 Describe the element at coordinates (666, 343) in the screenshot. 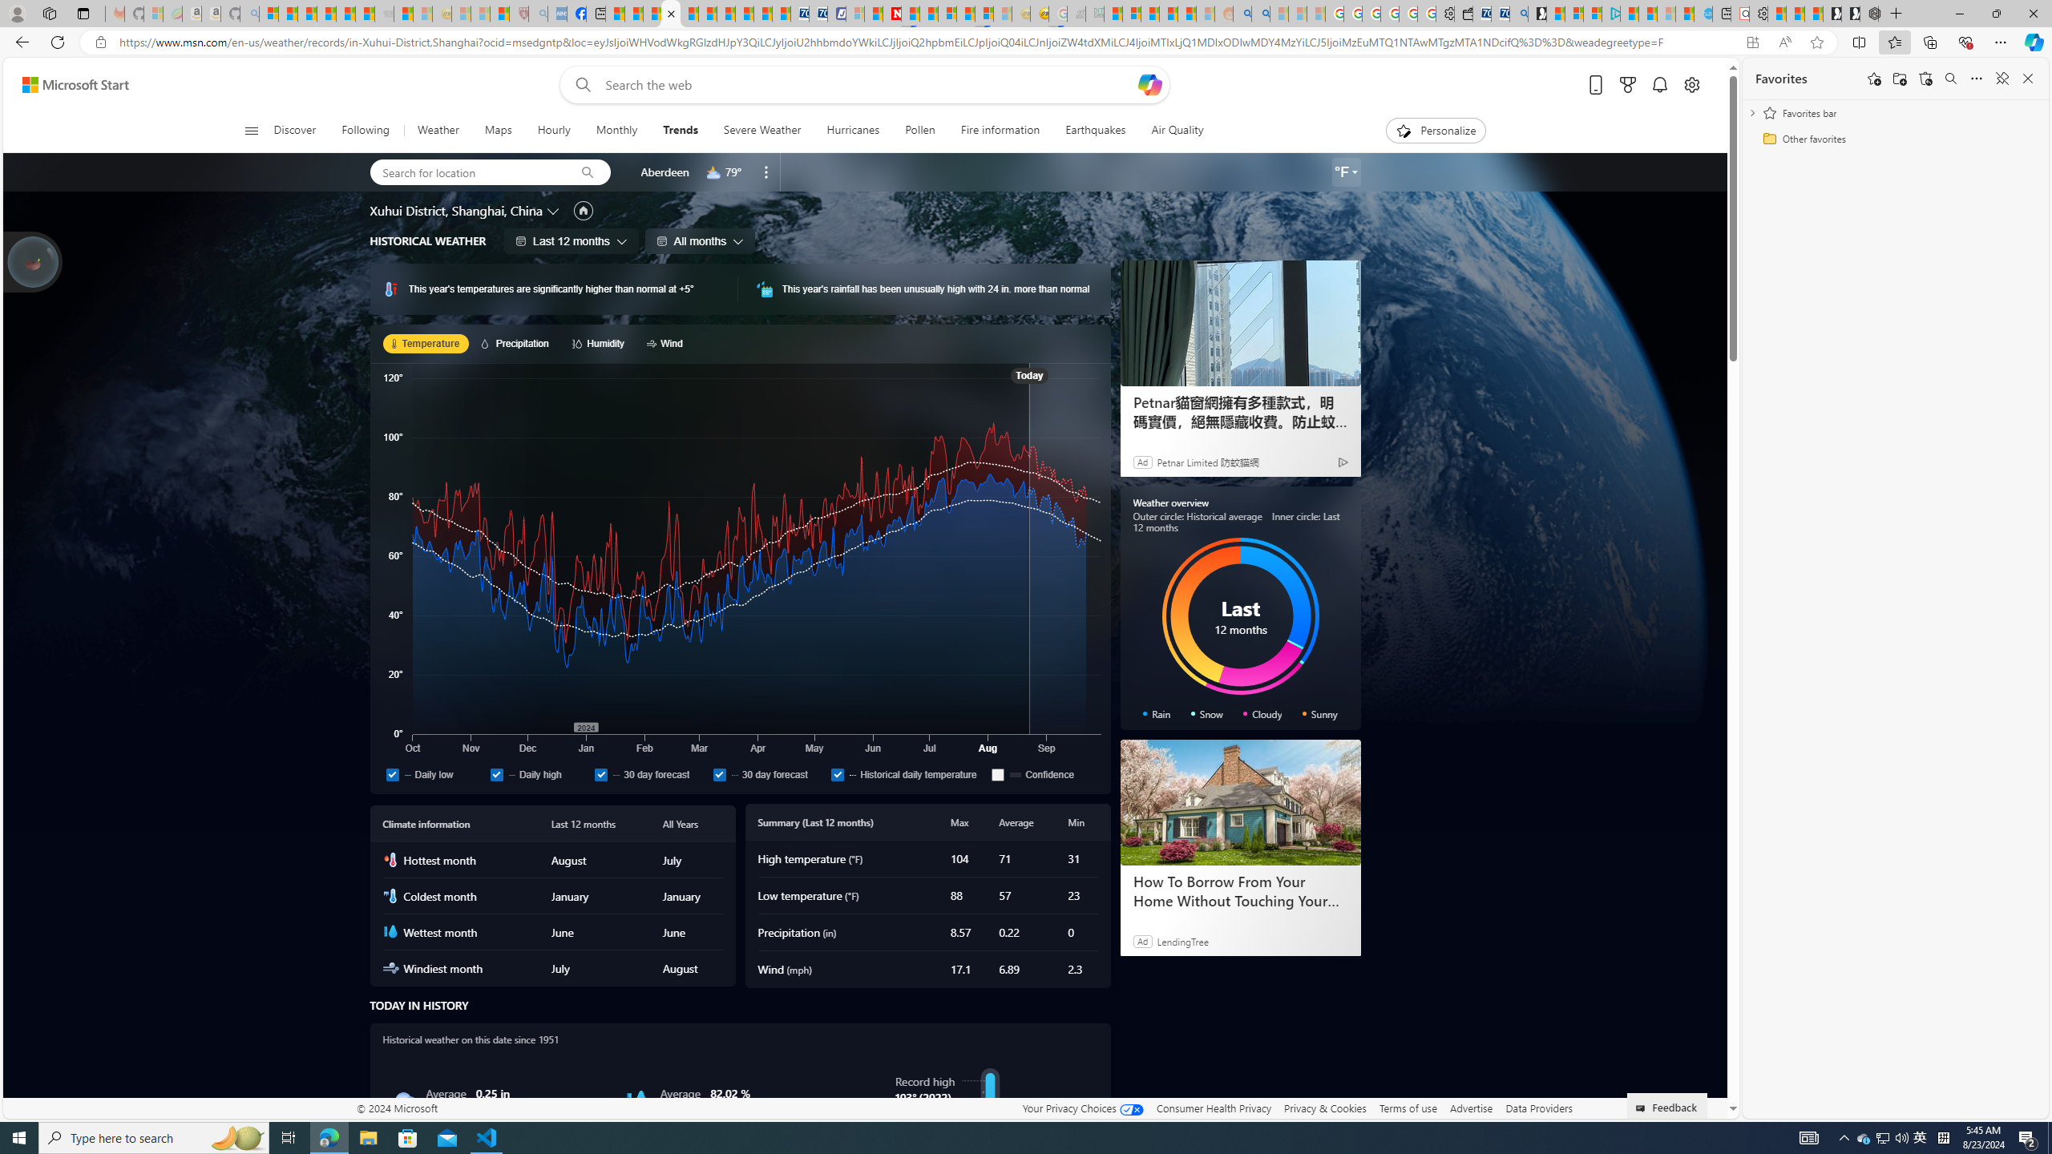

I see `'Wind'` at that location.